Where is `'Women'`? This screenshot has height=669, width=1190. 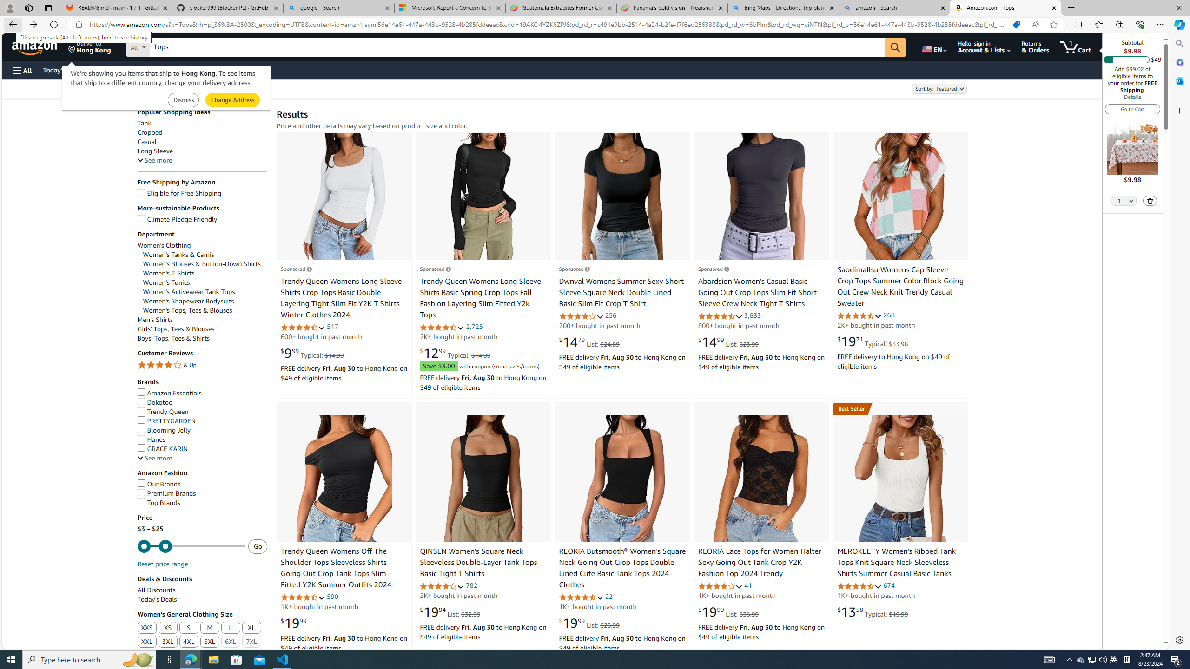
'Women' is located at coordinates (164, 245).